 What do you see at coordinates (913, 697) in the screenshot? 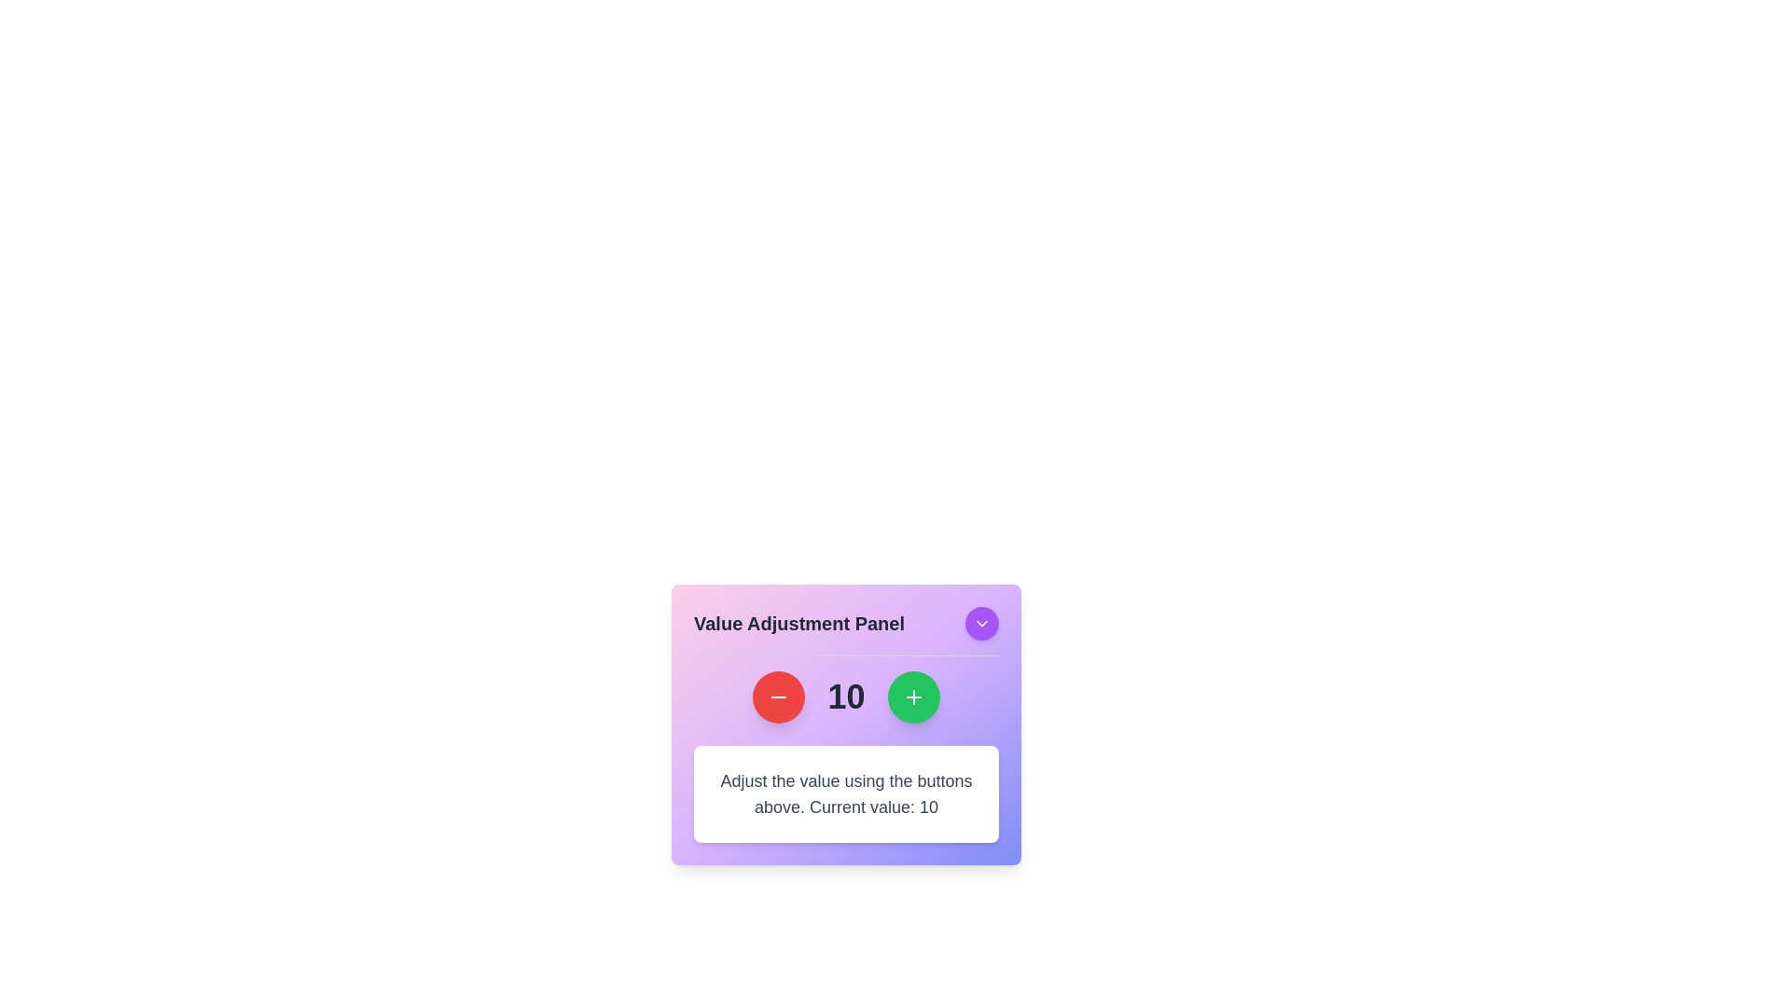
I see `the circular green button with a white plus icon to observe a change in color` at bounding box center [913, 697].